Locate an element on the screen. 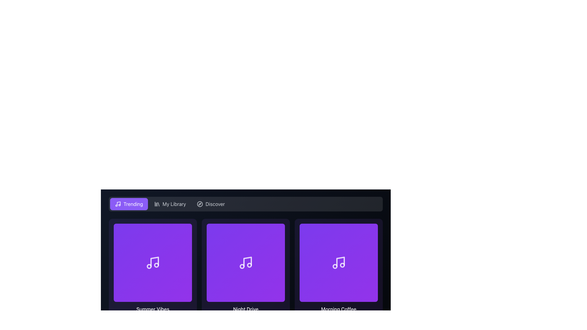  the circular shape at the center of the compass icon, which is located in the top section of the interface is located at coordinates (200, 204).